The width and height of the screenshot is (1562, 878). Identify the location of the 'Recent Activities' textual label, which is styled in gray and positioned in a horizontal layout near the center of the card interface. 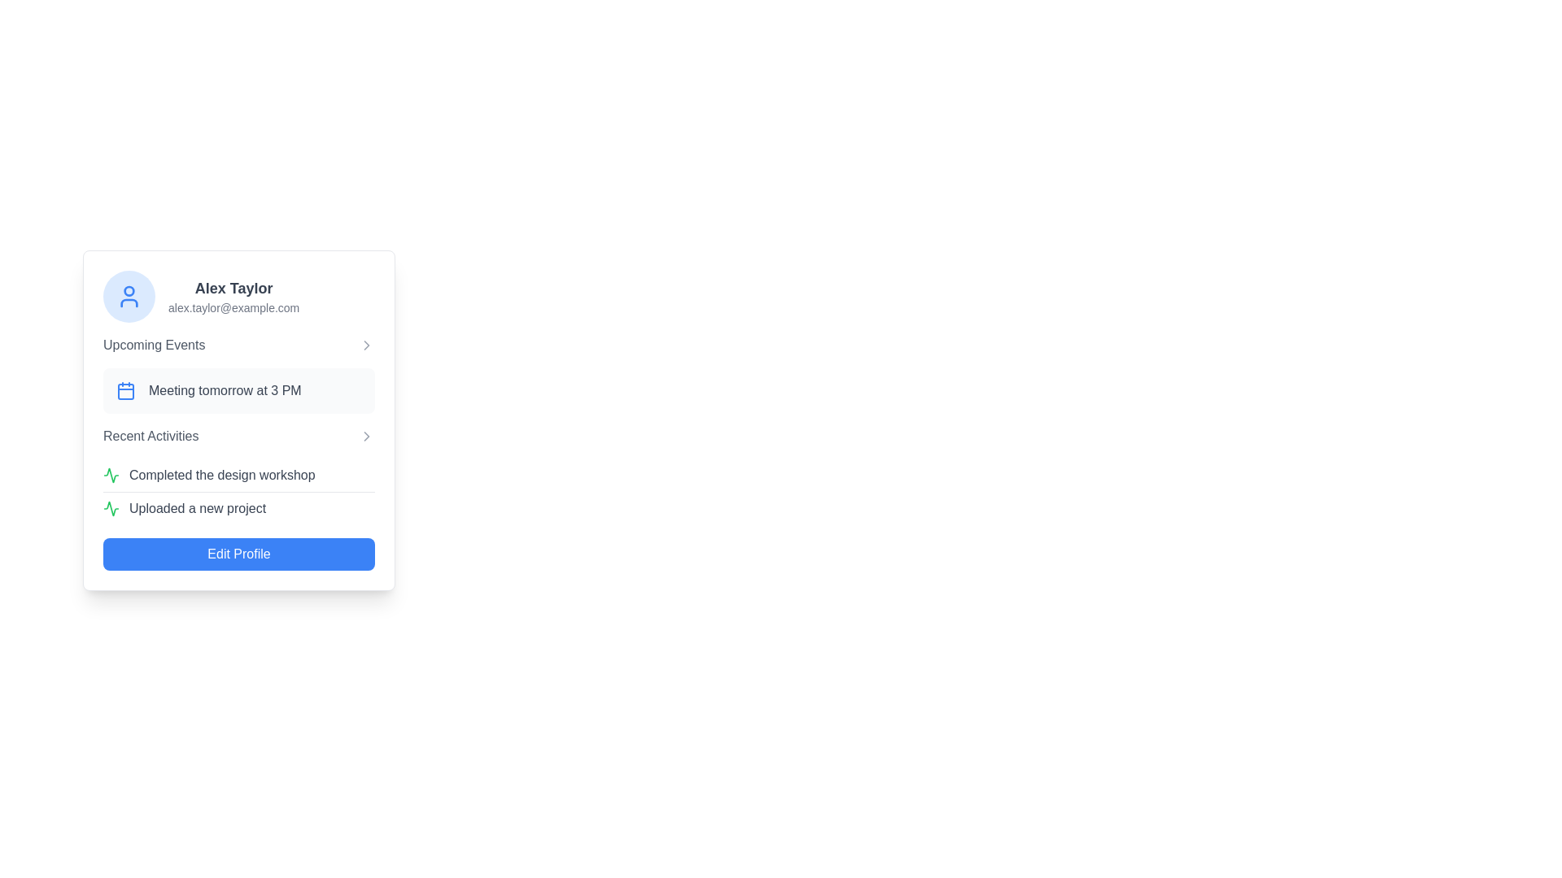
(151, 435).